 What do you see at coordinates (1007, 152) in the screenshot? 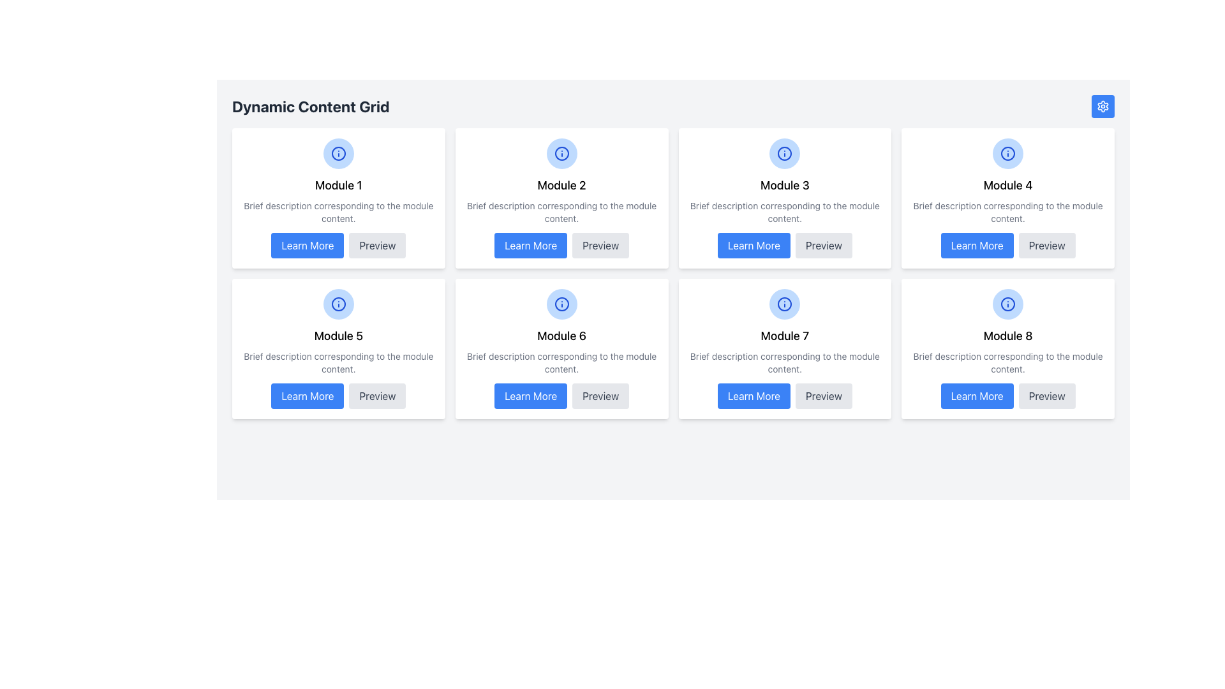
I see `the informational icon located at the center-top of the 'Module 4' card` at bounding box center [1007, 152].